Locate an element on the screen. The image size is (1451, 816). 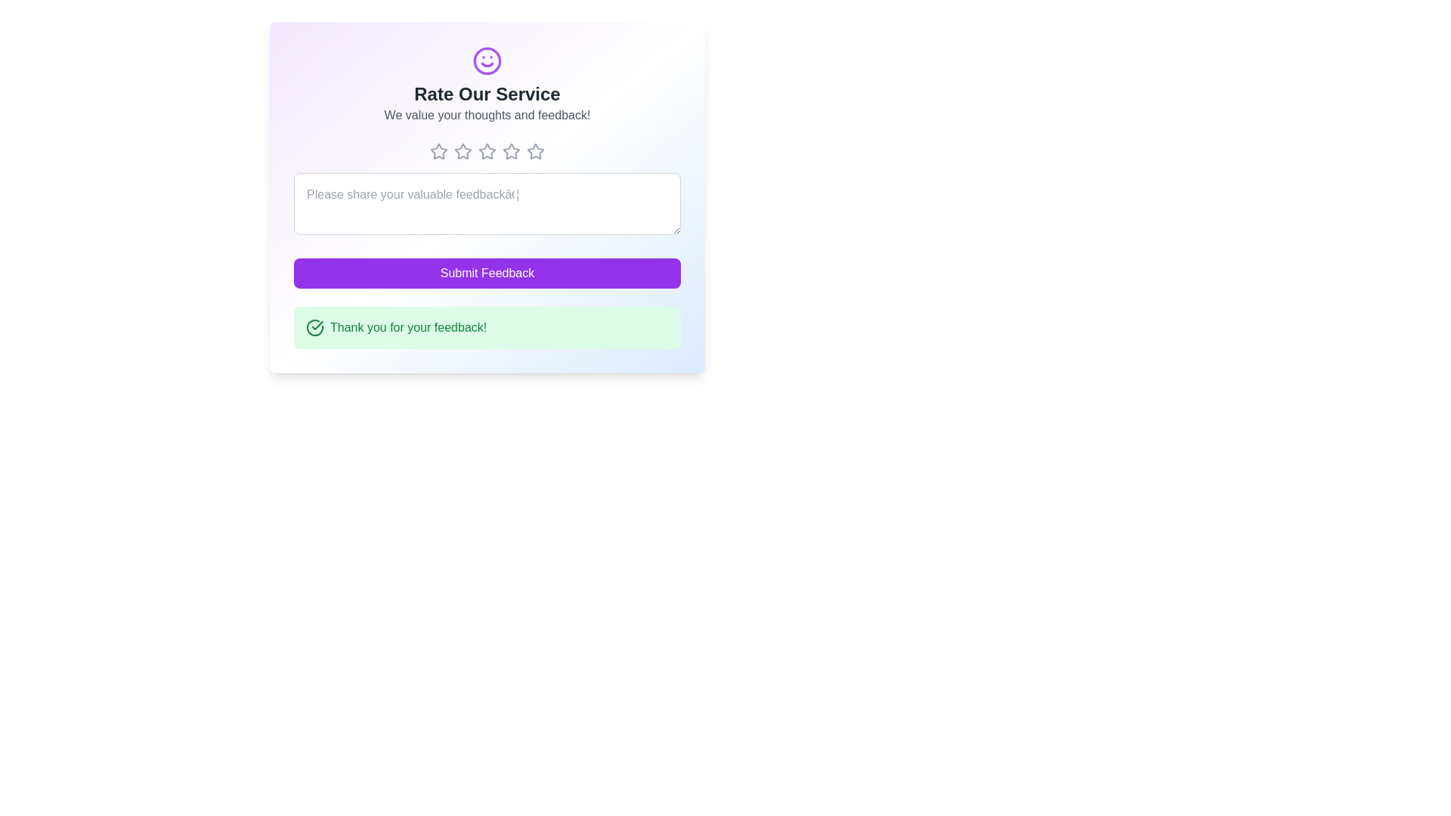
the 'Submit Feedback' button, which is a rectangular button with white text on a purple background, located centrally below the feedback input field is located at coordinates (487, 274).